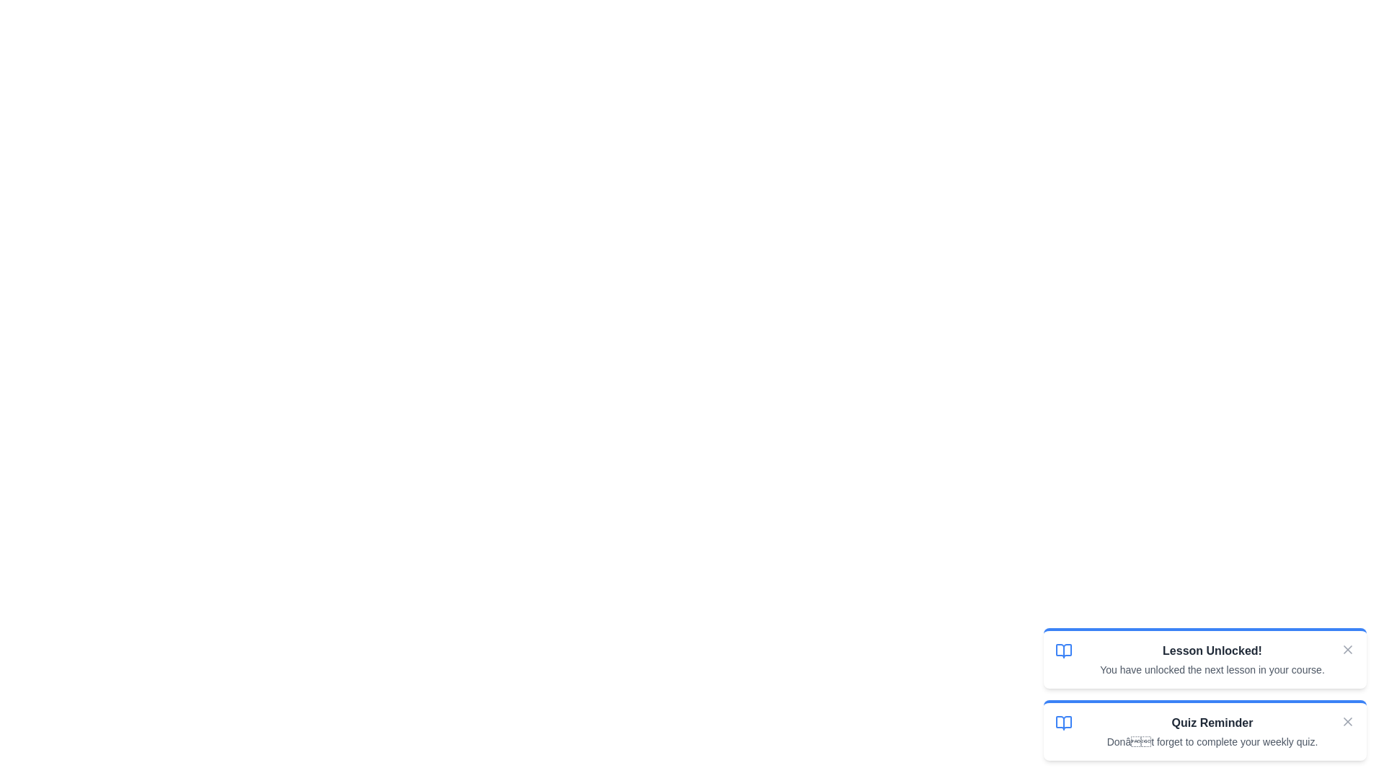 The height and width of the screenshot is (778, 1384). What do you see at coordinates (1347, 722) in the screenshot?
I see `close button of the notification with title Quiz Reminder` at bounding box center [1347, 722].